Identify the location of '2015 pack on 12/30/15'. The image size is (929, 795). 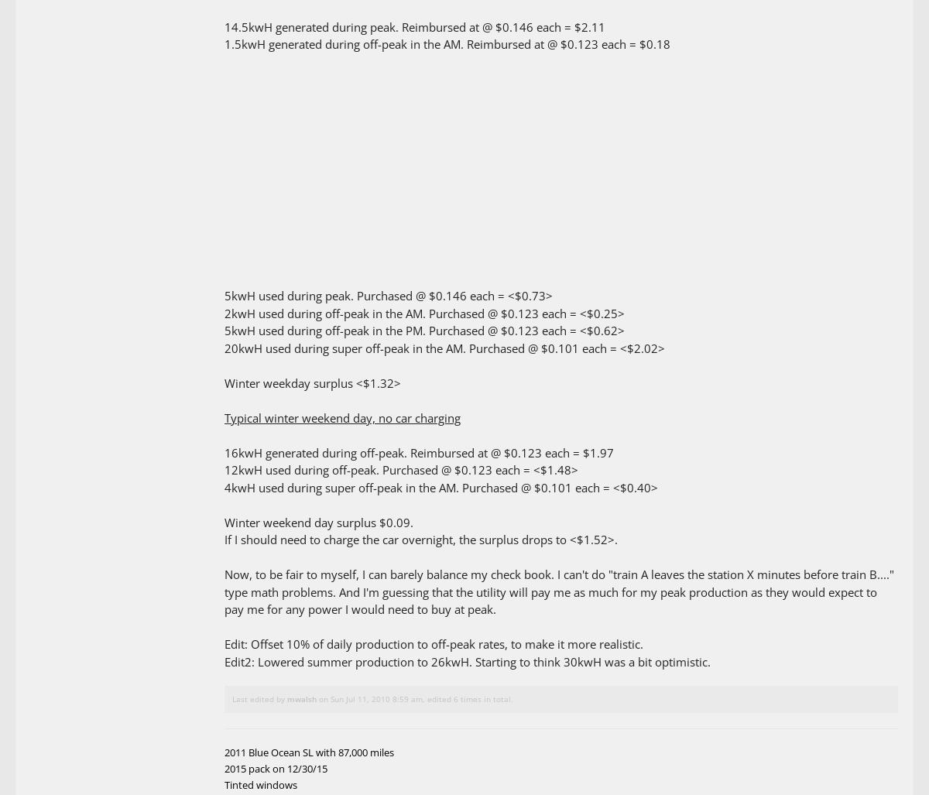
(276, 768).